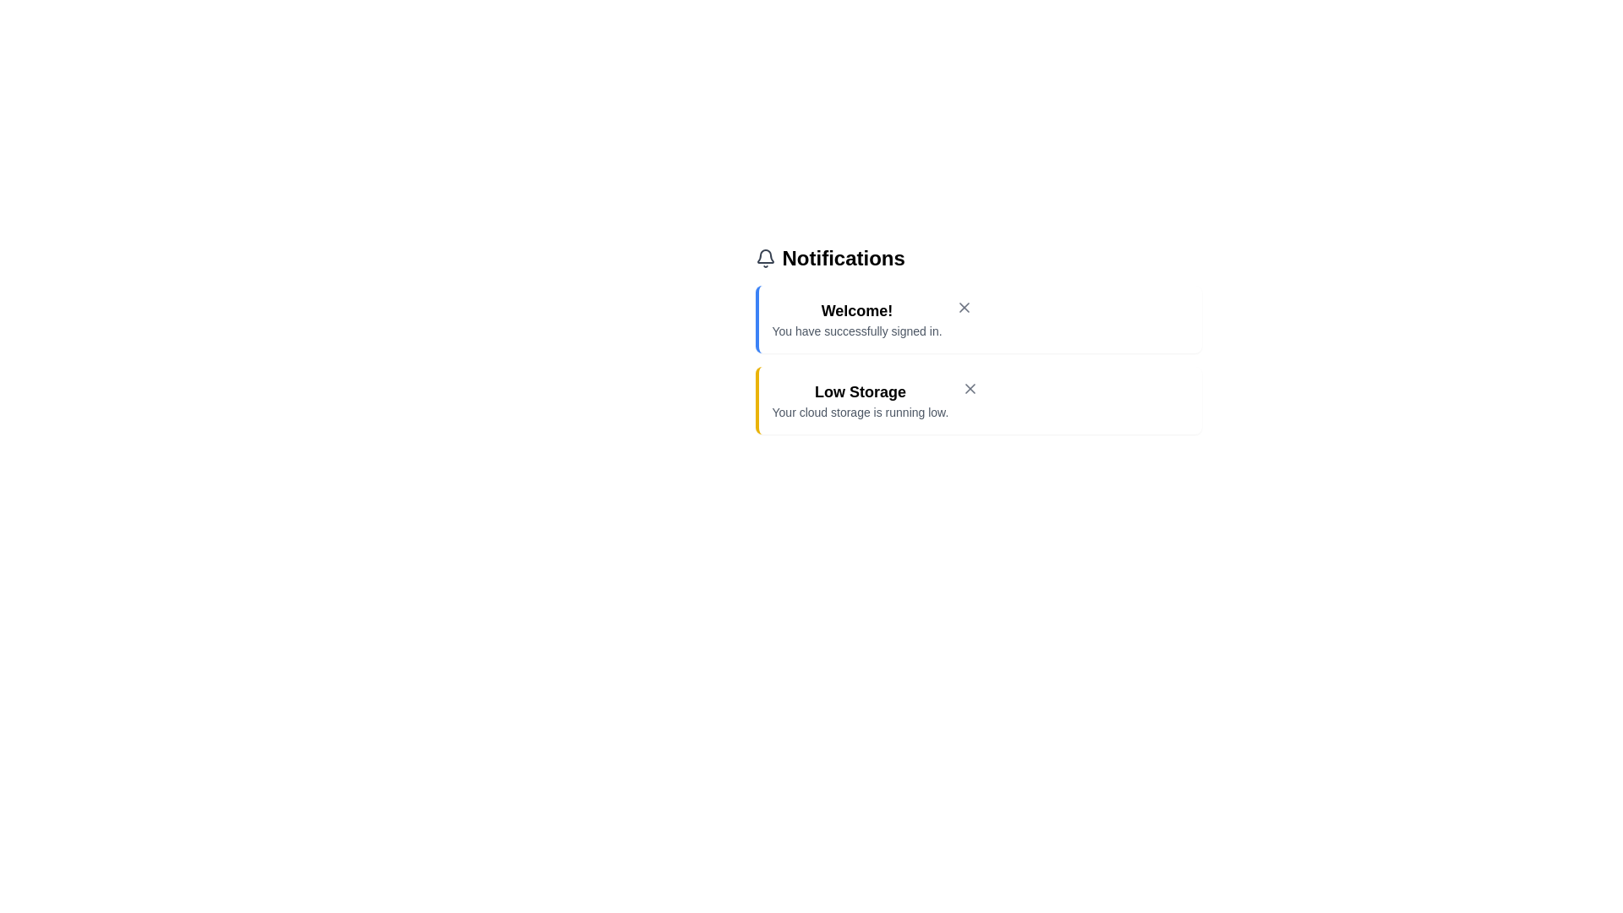 Image resolution: width=1623 pixels, height=913 pixels. What do you see at coordinates (856, 320) in the screenshot?
I see `content displayed in the text element that confirms successful sign-in, which shows 'Welcome!' in the first notification box` at bounding box center [856, 320].